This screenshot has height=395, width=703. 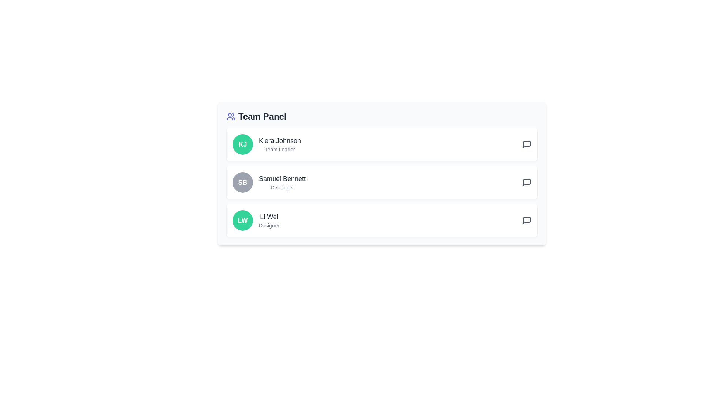 I want to click on the interactive icon adjacent to 'Kiera Johnson, Team Leader' to change its color, so click(x=527, y=144).